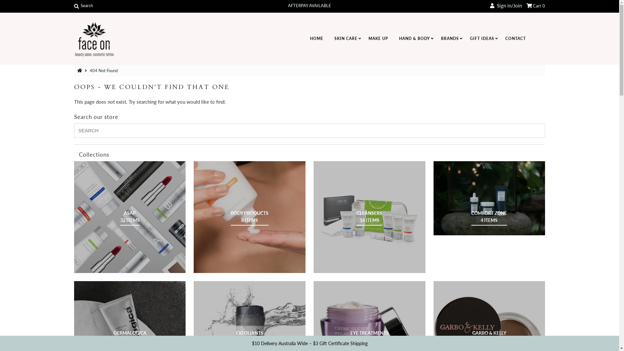 Image resolution: width=624 pixels, height=351 pixels. Describe the element at coordinates (345, 39) in the screenshot. I see `'SKIN CARE'` at that location.